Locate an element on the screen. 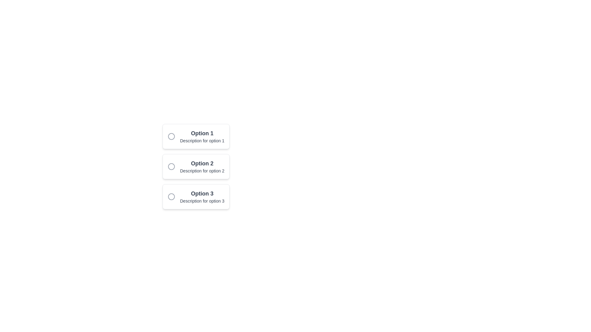 Image resolution: width=591 pixels, height=332 pixels. the Text block that informs about 'Option 1' and its description is located at coordinates (202, 136).